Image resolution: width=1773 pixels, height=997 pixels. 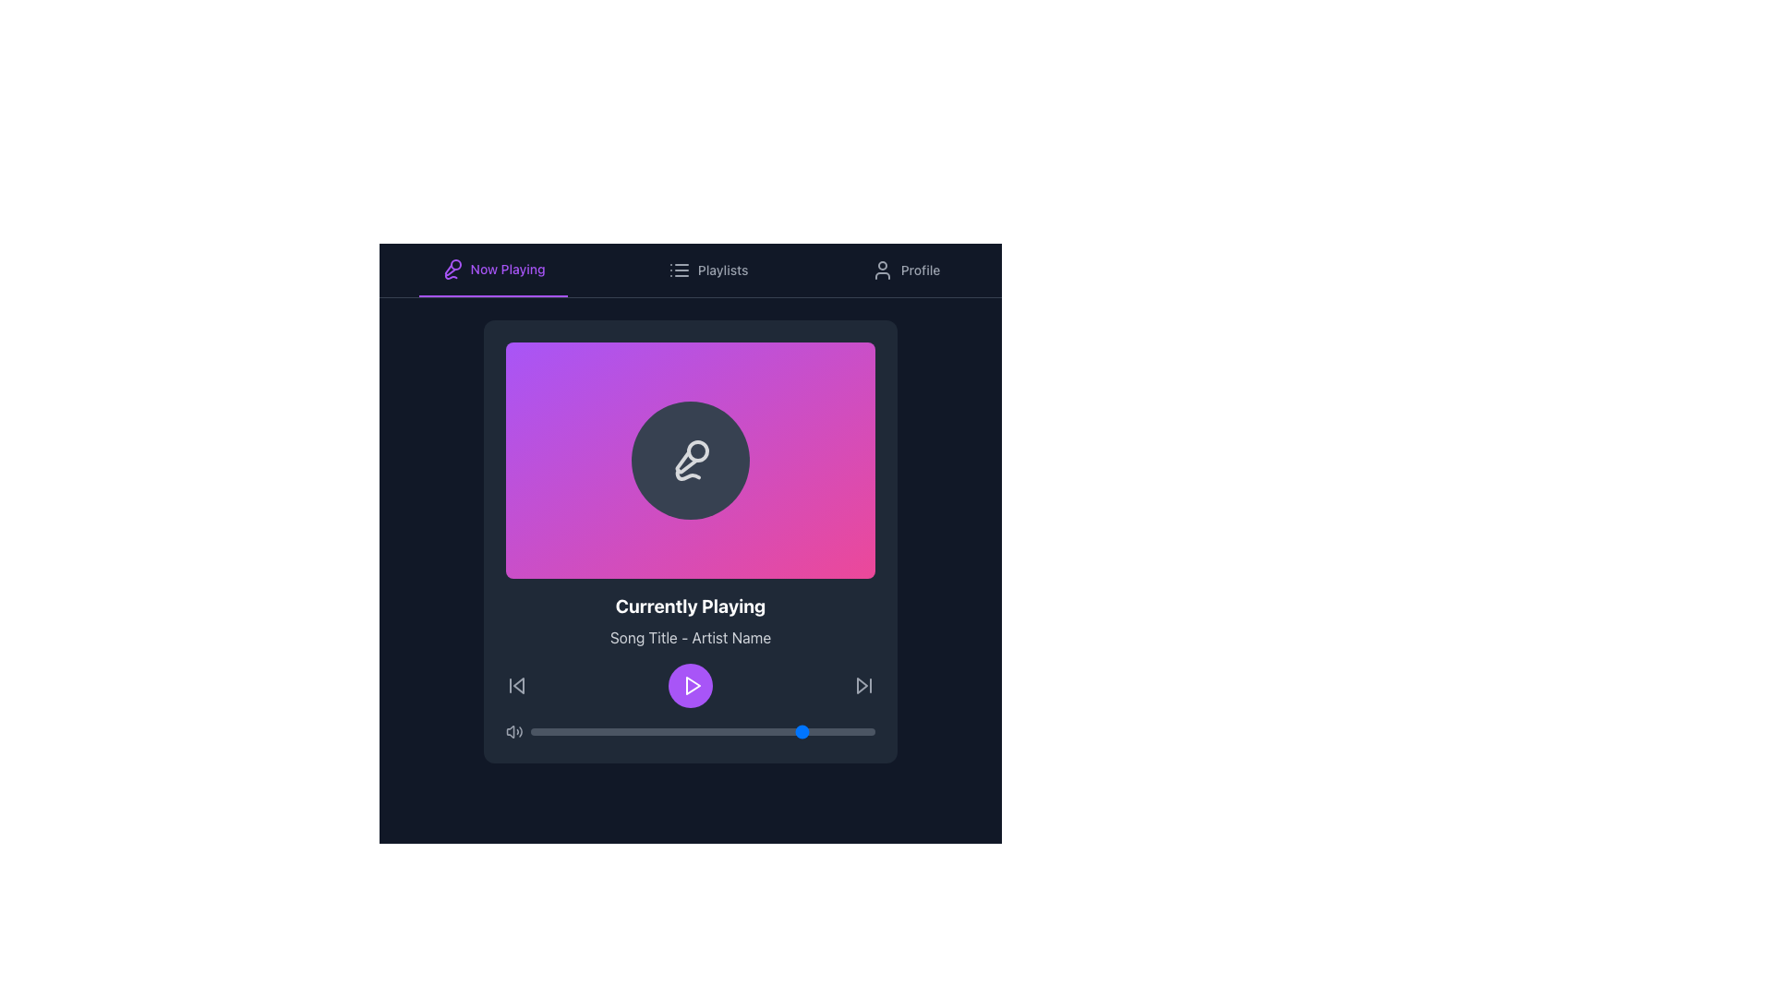 I want to click on the 'Playlists' icon located in the top navigation bar, which visually represents the playlists section, so click(x=678, y=270).